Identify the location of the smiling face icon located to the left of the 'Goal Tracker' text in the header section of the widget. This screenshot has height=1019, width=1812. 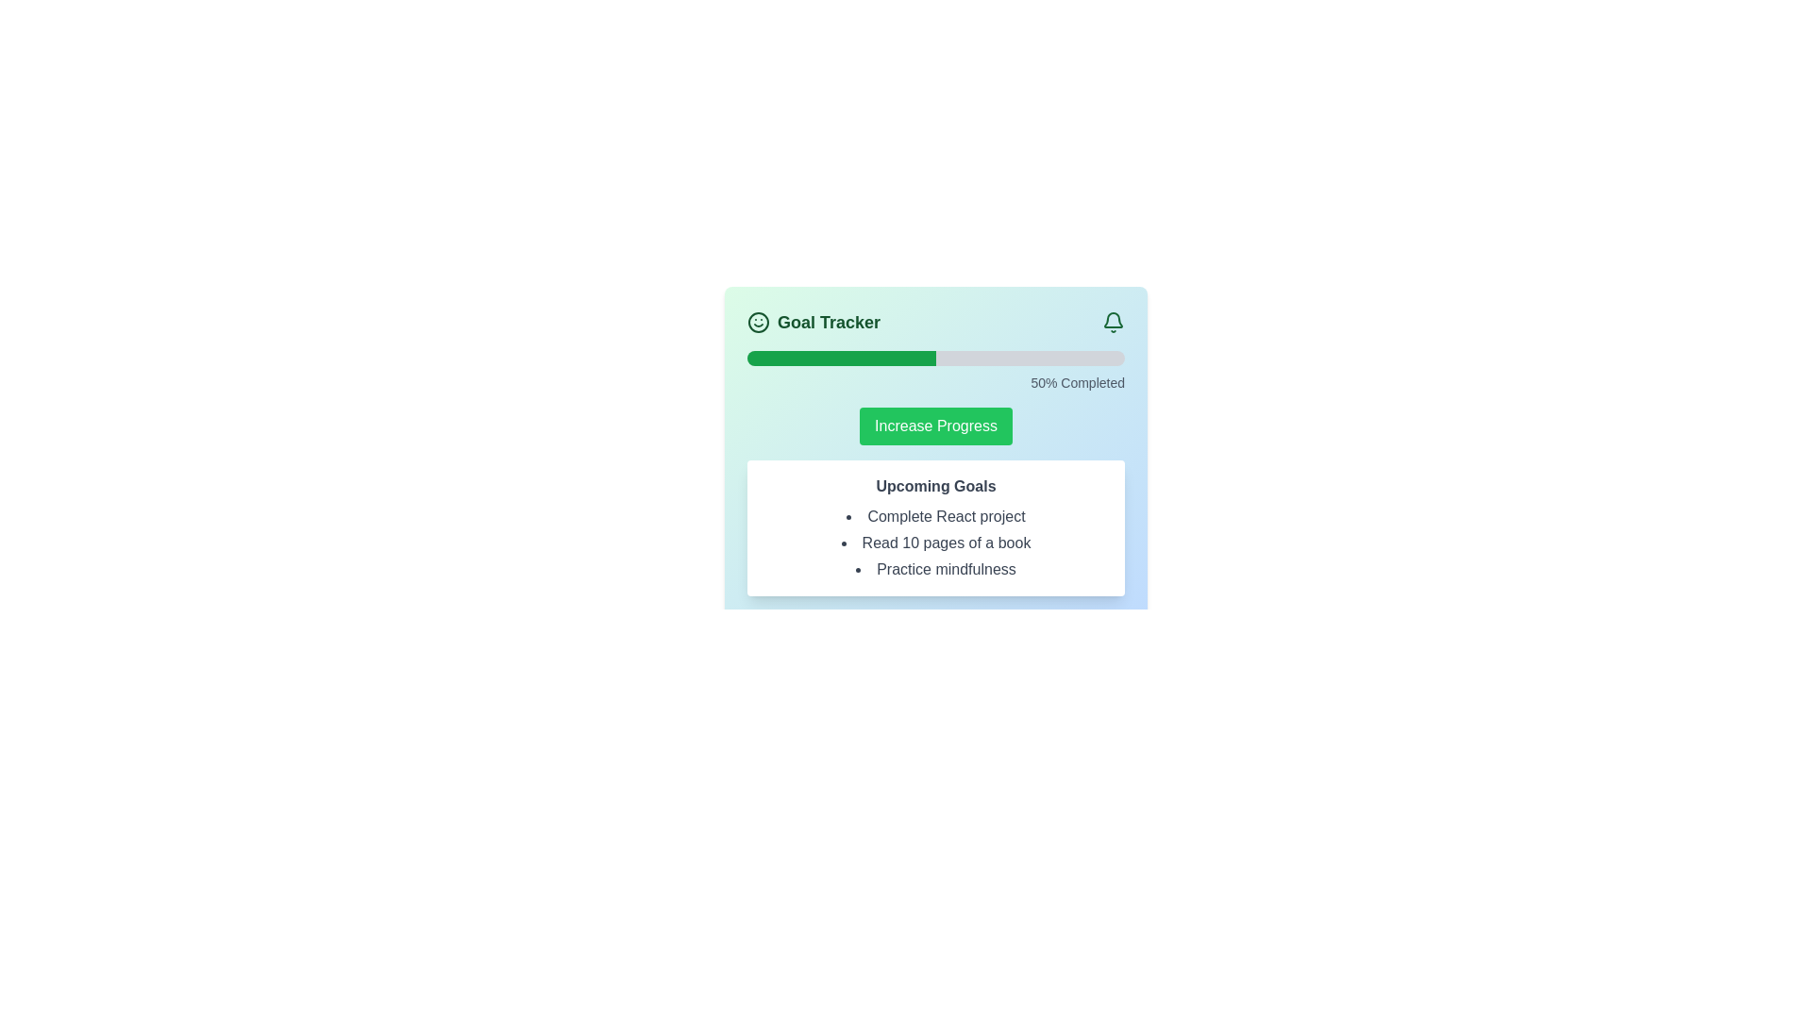
(759, 322).